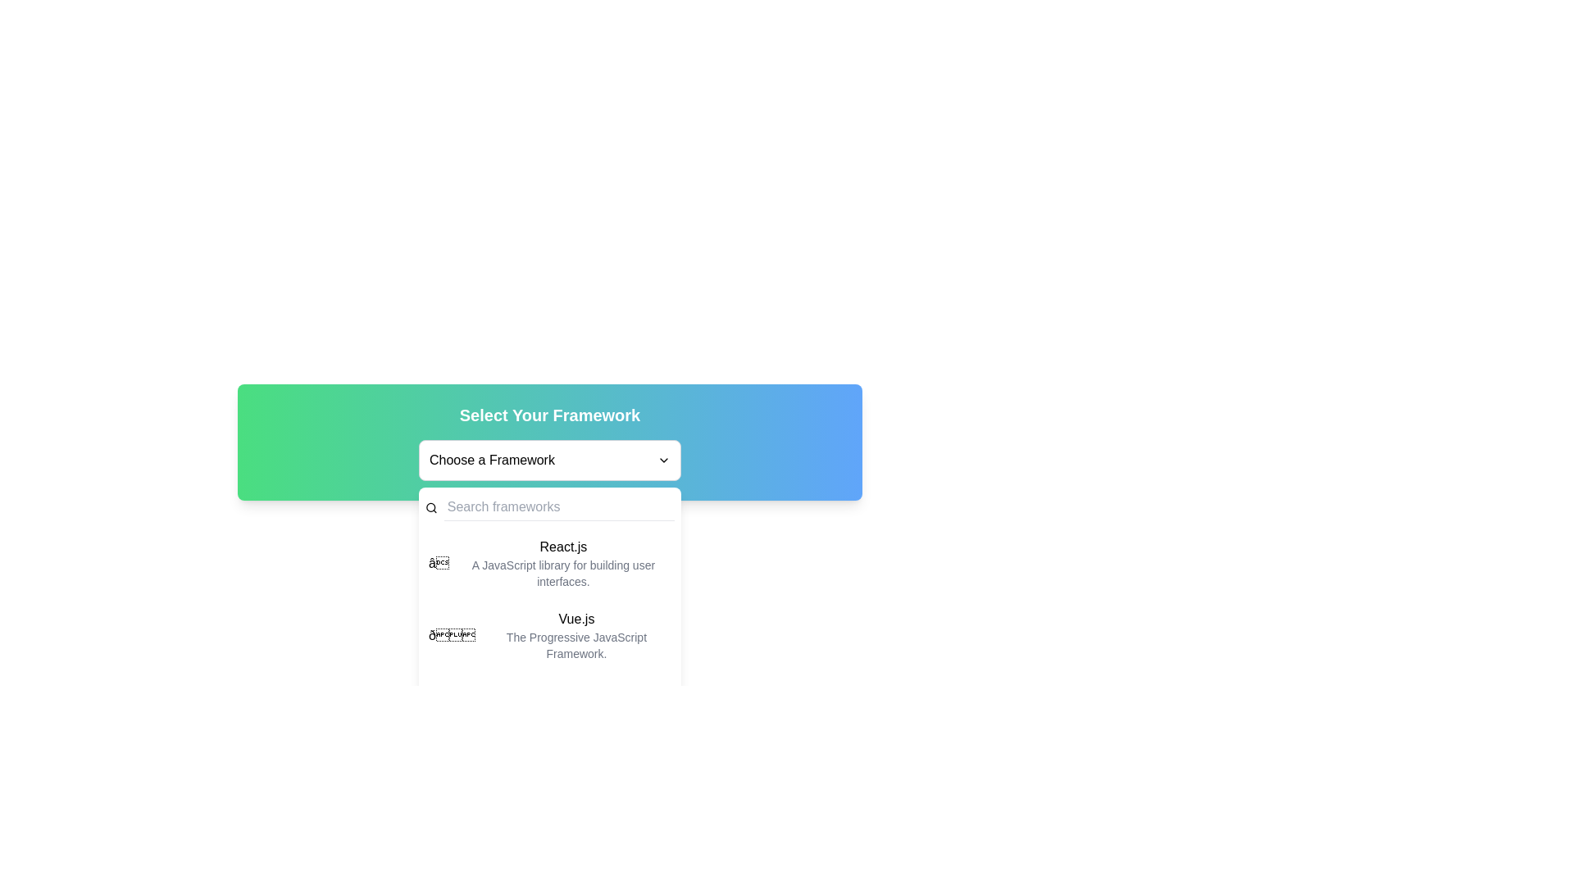 The width and height of the screenshot is (1574, 885). Describe the element at coordinates (439, 562) in the screenshot. I see `the star icon located next to the title 'React.js' in the dropdown list` at that location.